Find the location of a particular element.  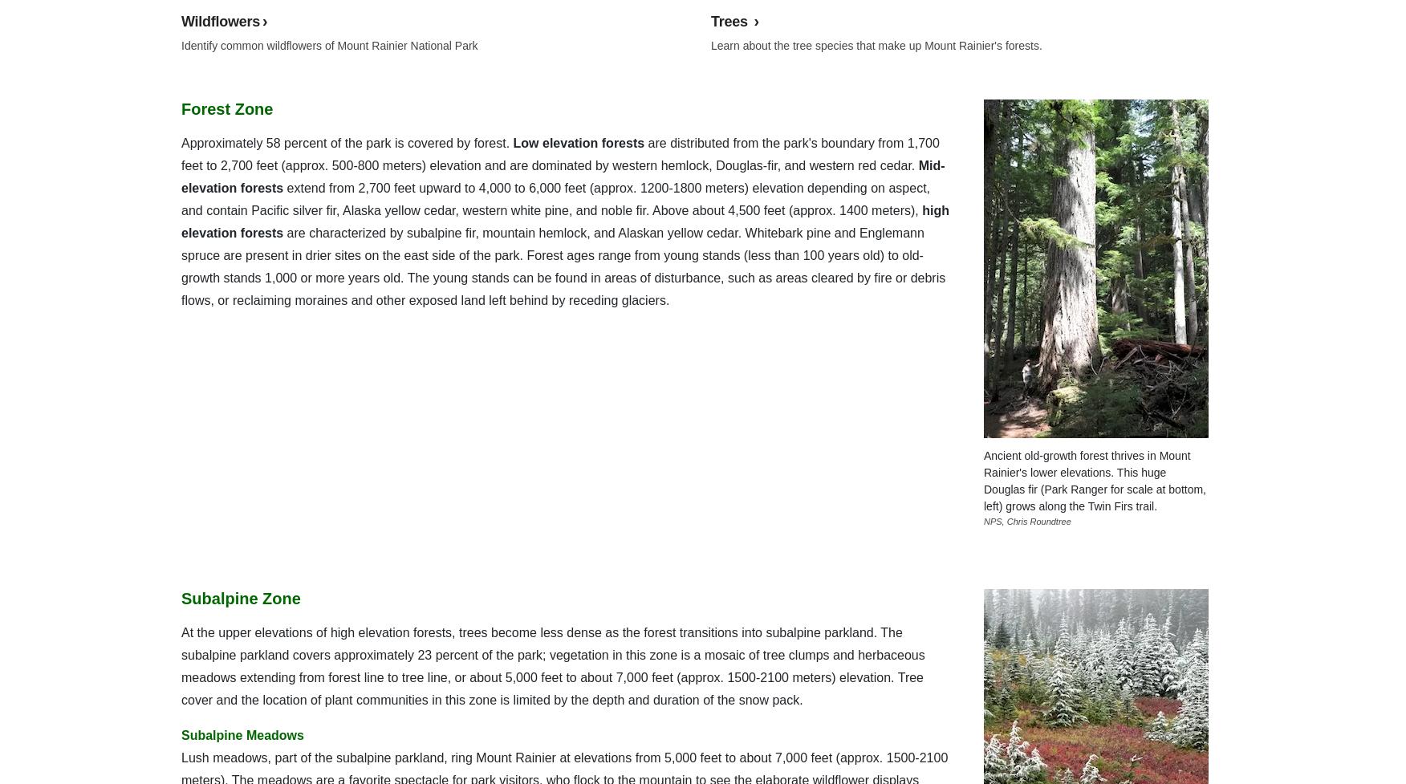

'No Fear Act' is located at coordinates (270, 40).